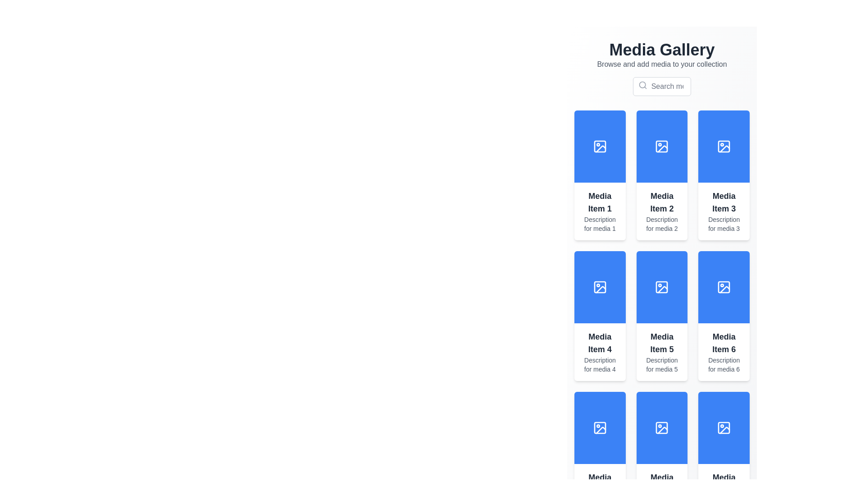  I want to click on the icon representing the media item in the sixth tile of the 'Media Gallery', located in the bottom-right corner of the grid, so click(724, 287).